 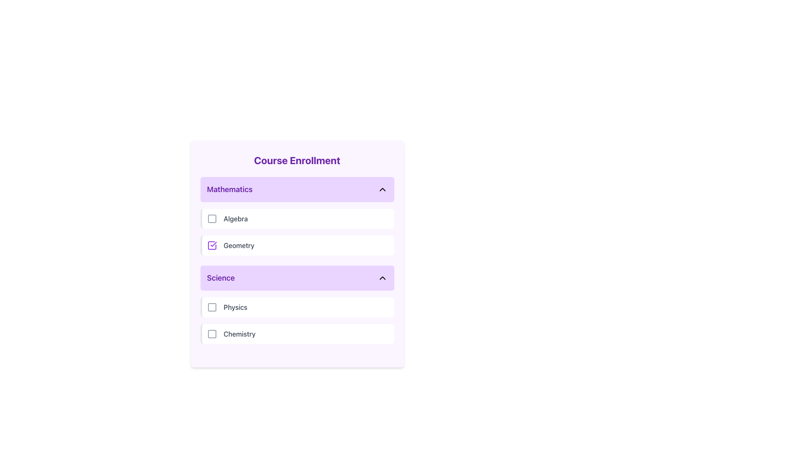 I want to click on the 'Physics' course option label, which is a text label positioned under the 'Mathematics' category and above 'Chemistry' in the selectable options list, so click(x=235, y=307).